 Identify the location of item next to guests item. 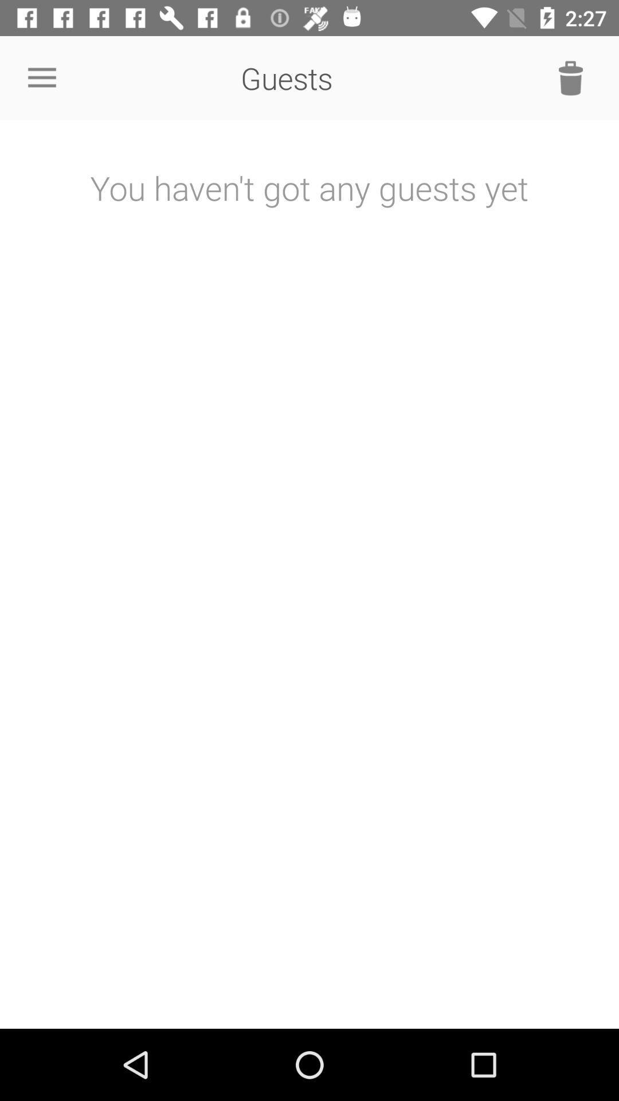
(41, 77).